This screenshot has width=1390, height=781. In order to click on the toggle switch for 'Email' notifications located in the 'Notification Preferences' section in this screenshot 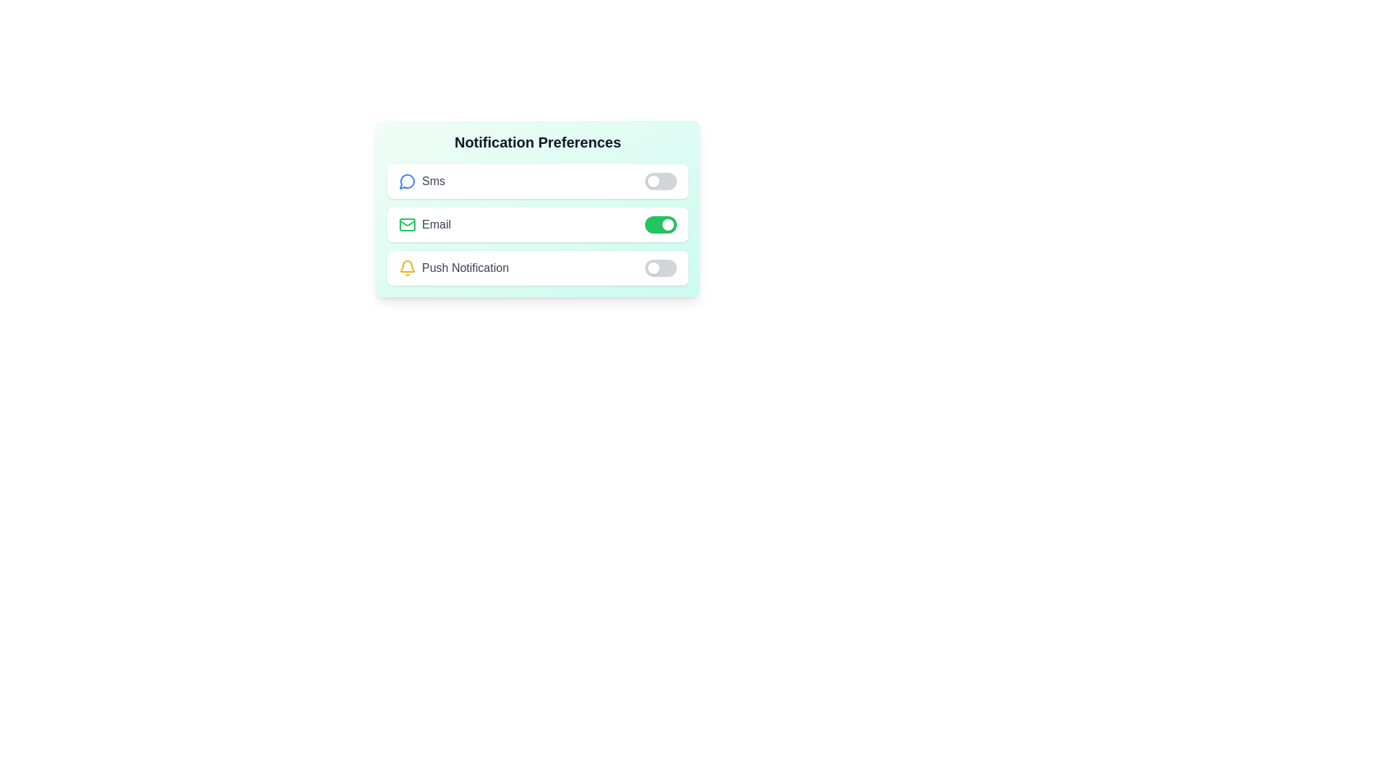, I will do `click(537, 225)`.